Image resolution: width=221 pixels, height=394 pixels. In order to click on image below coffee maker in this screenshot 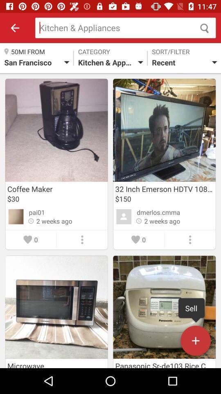, I will do `click(56, 312)`.